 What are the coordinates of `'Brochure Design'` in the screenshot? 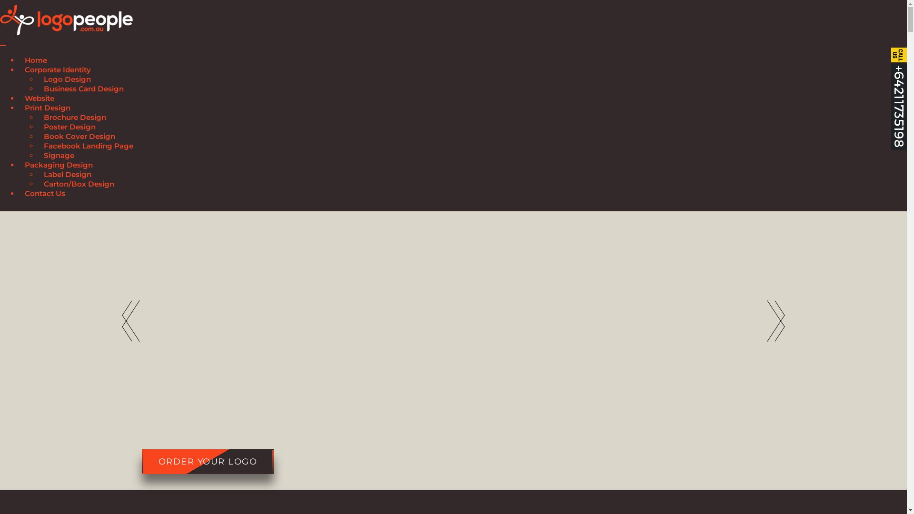 It's located at (74, 118).